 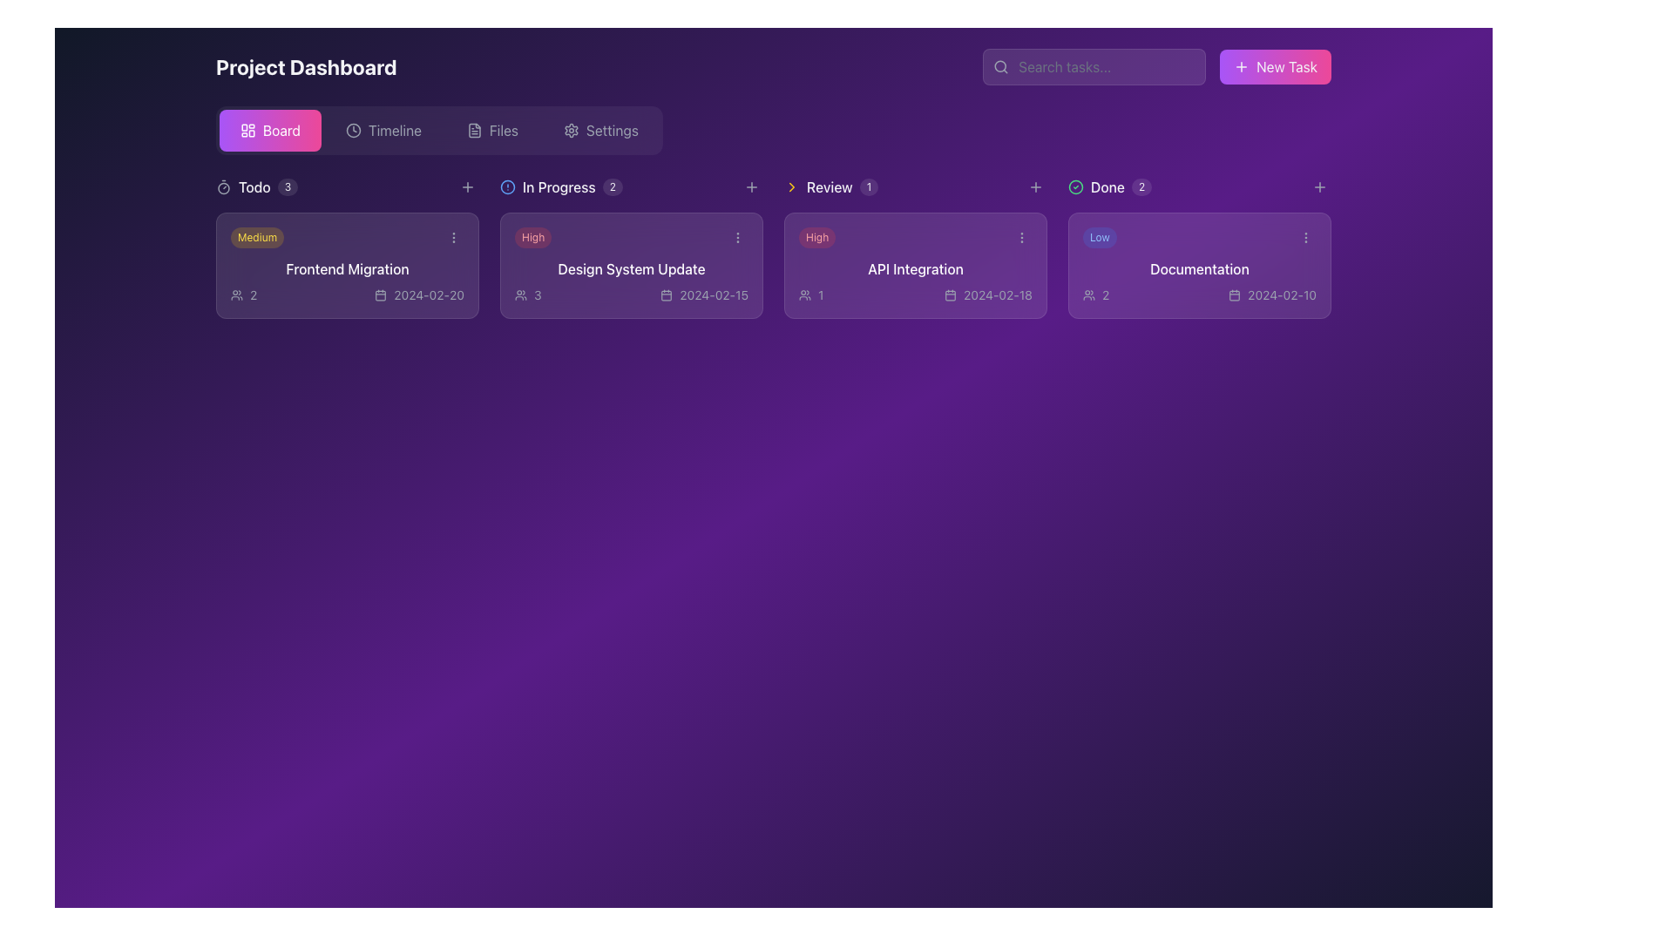 What do you see at coordinates (243, 294) in the screenshot?
I see `the icon displaying the user count associated with the 'Frontend Migration' task located in the bottom-left corner of the 'Frontend Migration' card in the 'Todo' category` at bounding box center [243, 294].